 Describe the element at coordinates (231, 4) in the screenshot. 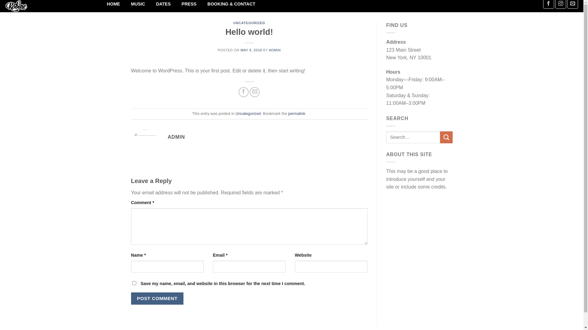

I see `'BOOKING & CONTACT'` at that location.